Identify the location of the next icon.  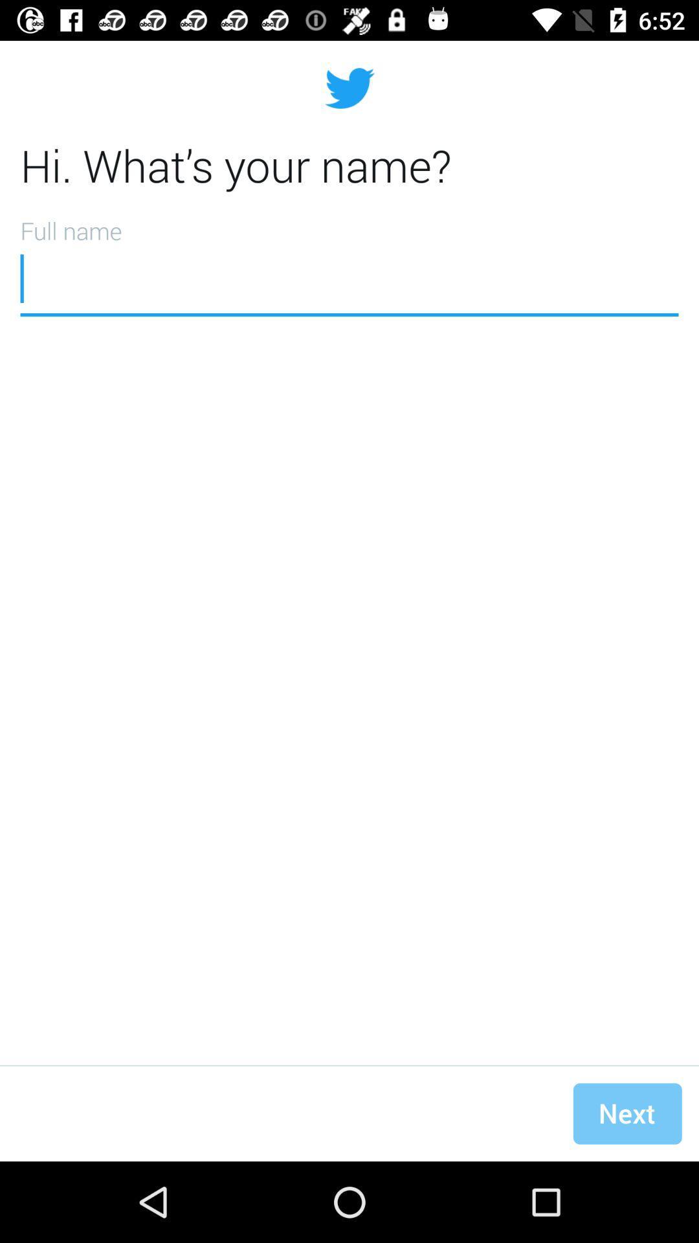
(627, 1113).